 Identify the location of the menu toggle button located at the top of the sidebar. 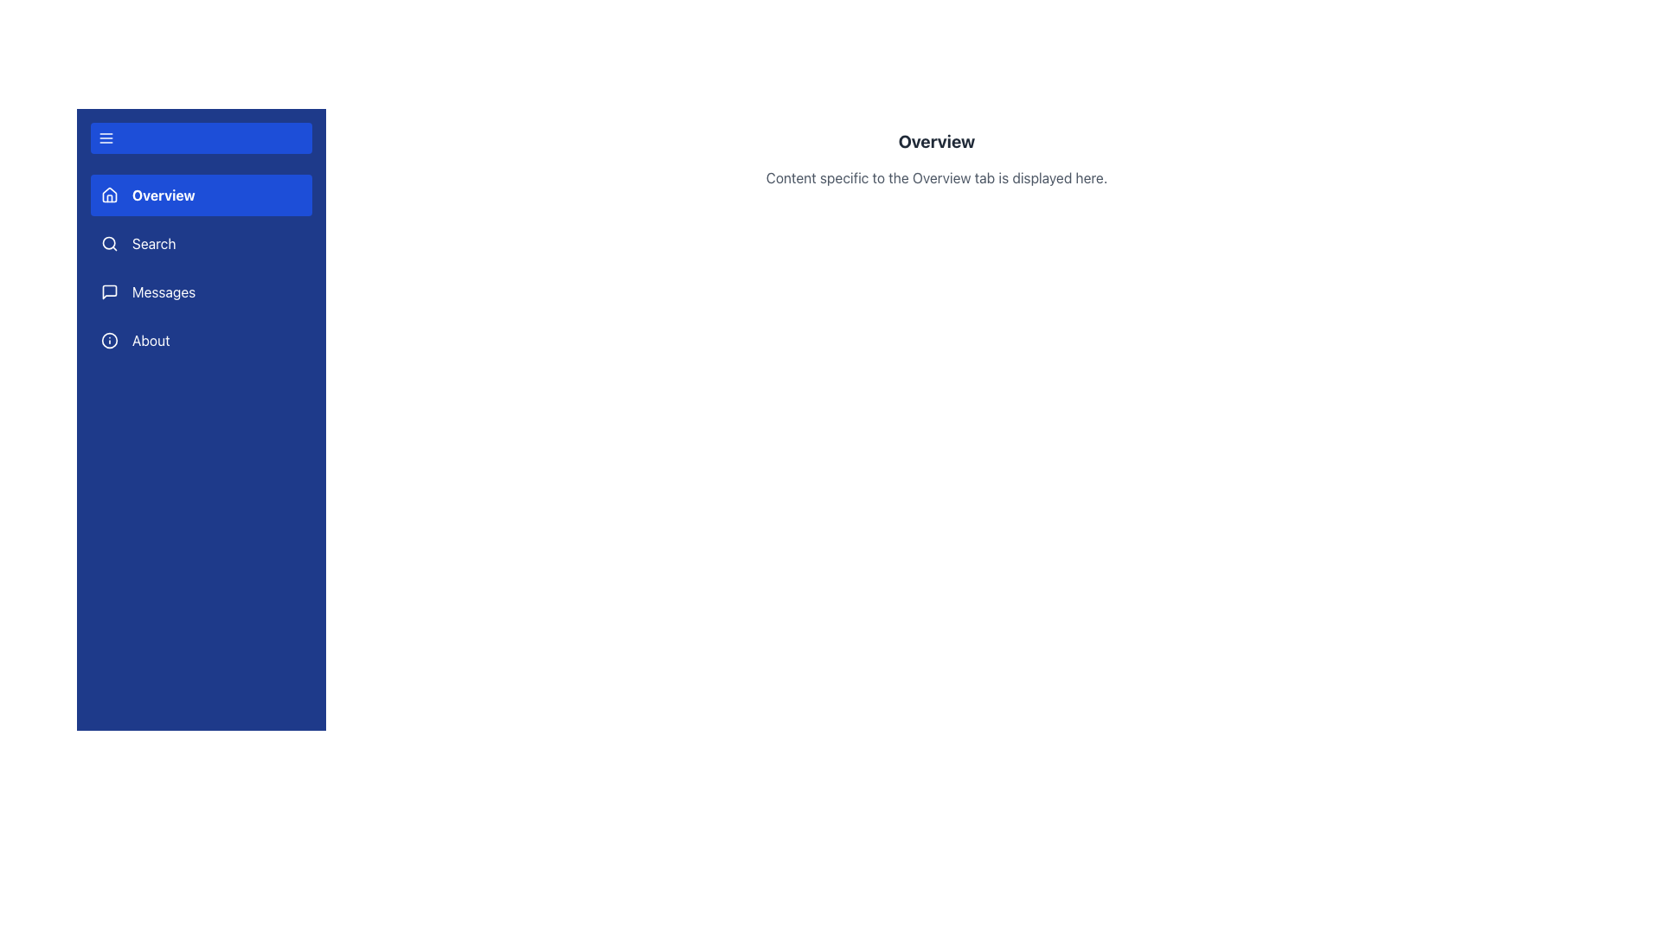
(202, 137).